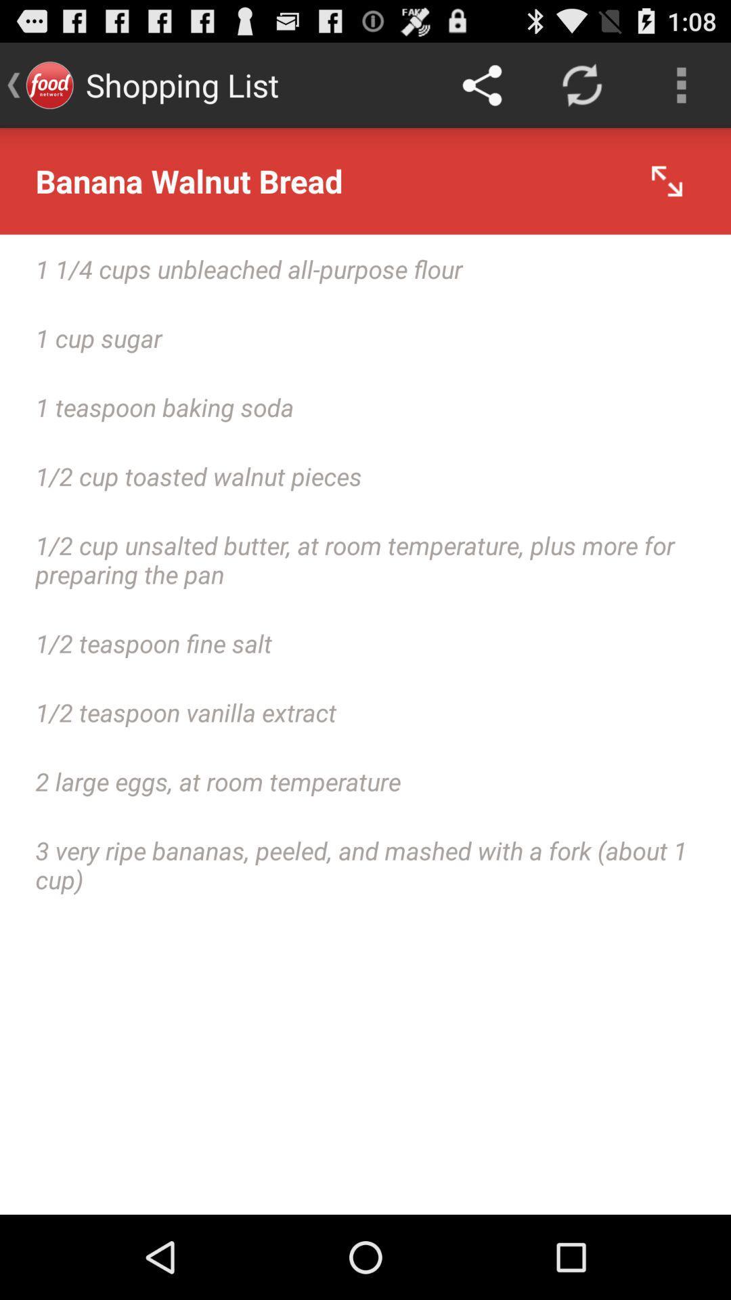 The image size is (731, 1300). Describe the element at coordinates (365, 180) in the screenshot. I see `icon above the 1 1 4 icon` at that location.